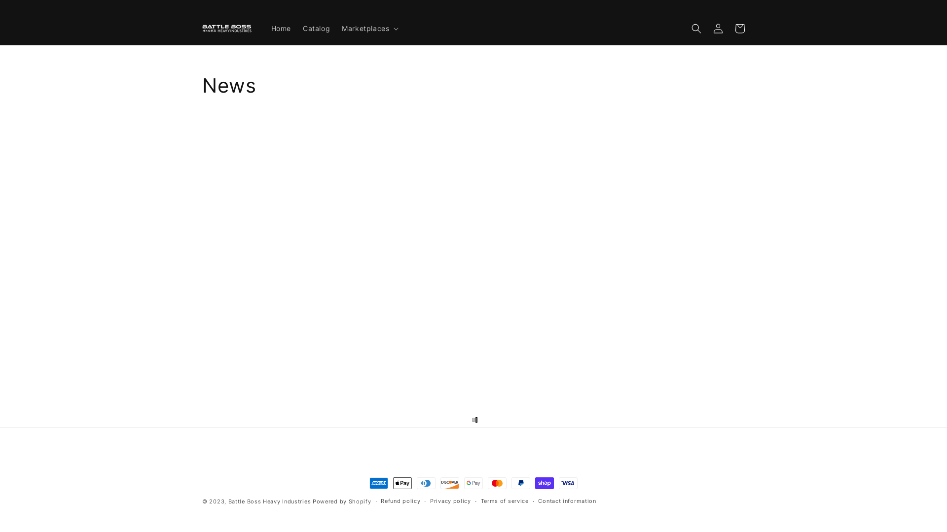  What do you see at coordinates (316, 28) in the screenshot?
I see `'Catalog'` at bounding box center [316, 28].